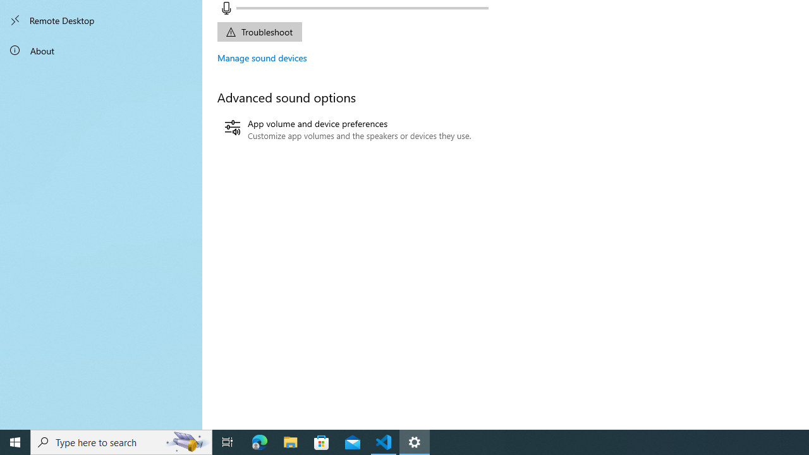 This screenshot has height=455, width=809. What do you see at coordinates (348, 130) in the screenshot?
I see `'App volume and device preferences'` at bounding box center [348, 130].